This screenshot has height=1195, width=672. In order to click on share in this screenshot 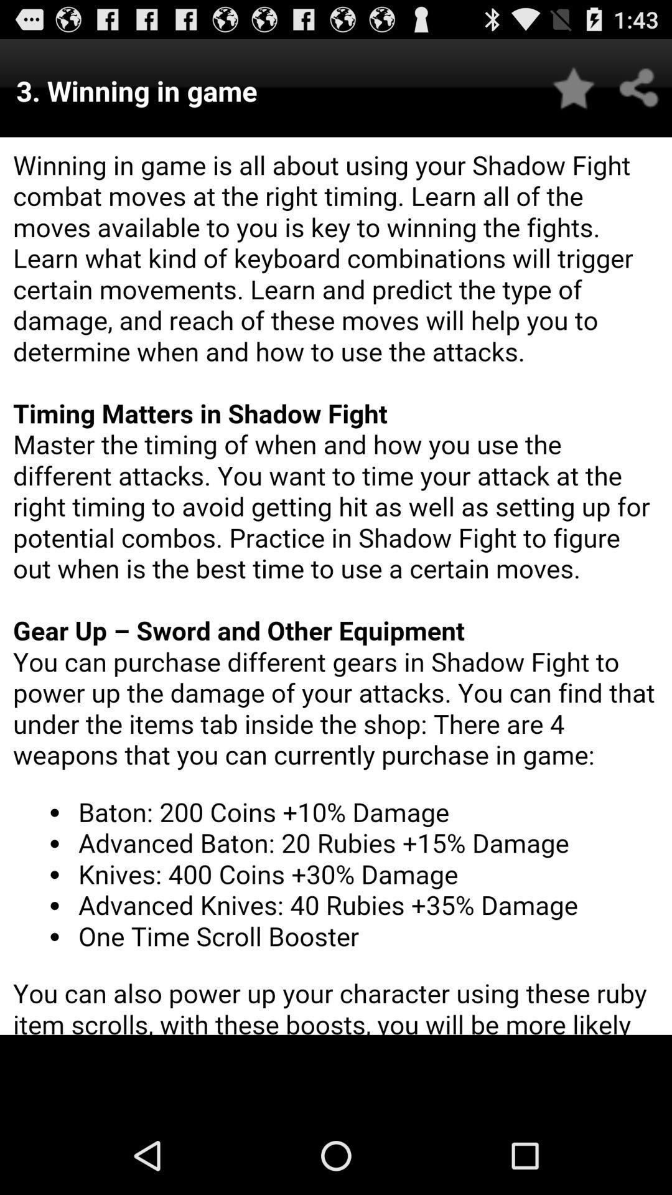, I will do `click(639, 87)`.